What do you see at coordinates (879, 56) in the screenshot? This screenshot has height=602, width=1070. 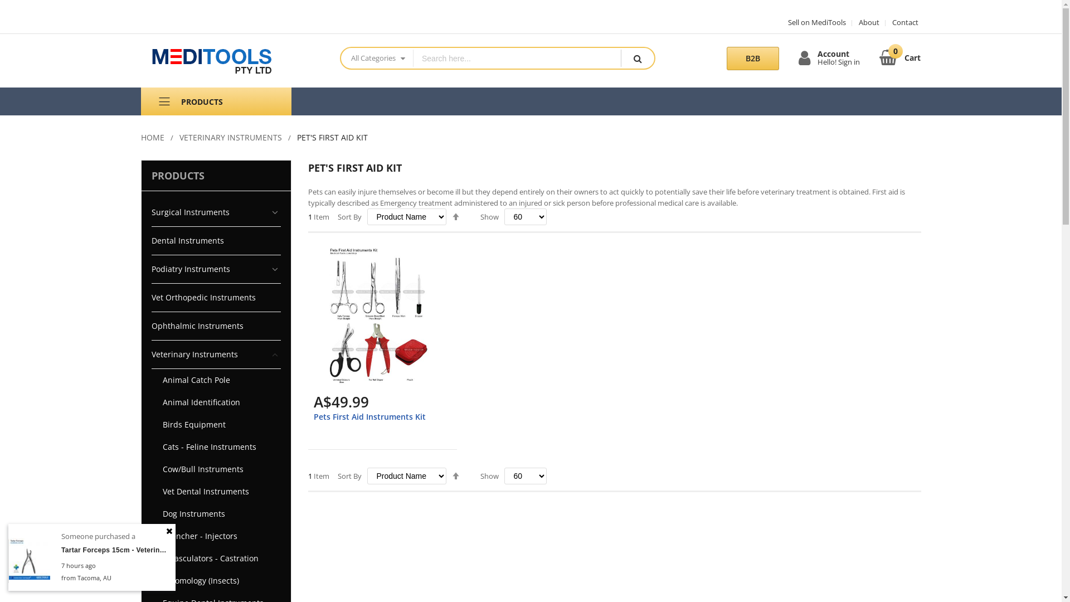 I see `'Cart'` at bounding box center [879, 56].